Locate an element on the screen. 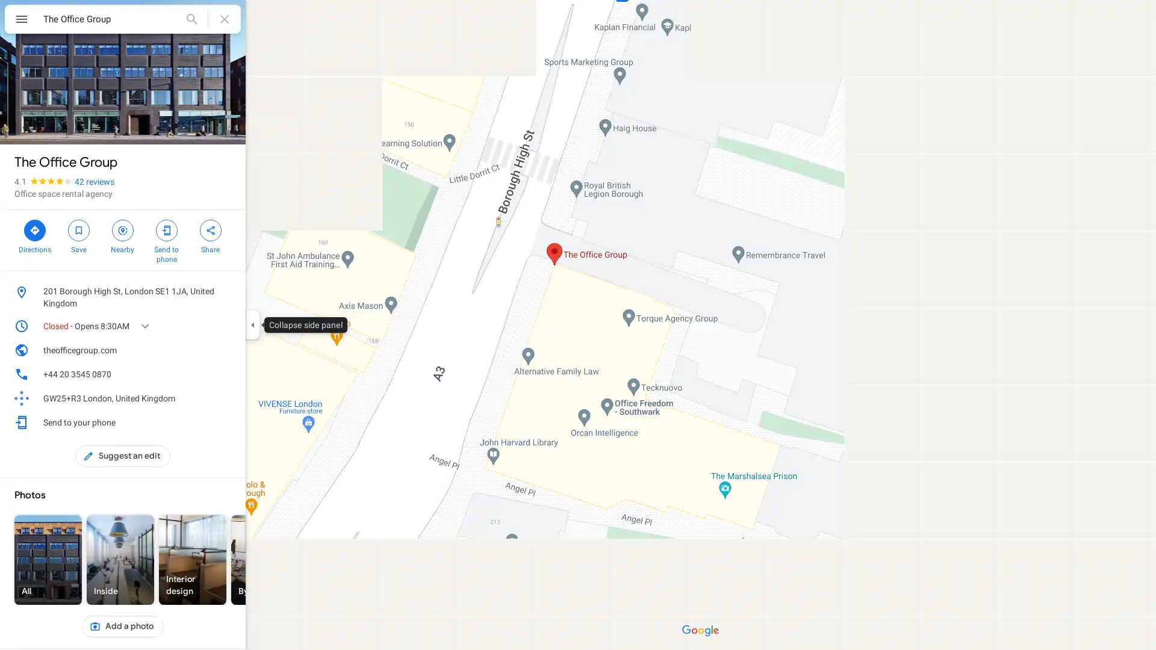  Call phone number is located at coordinates (225, 373).